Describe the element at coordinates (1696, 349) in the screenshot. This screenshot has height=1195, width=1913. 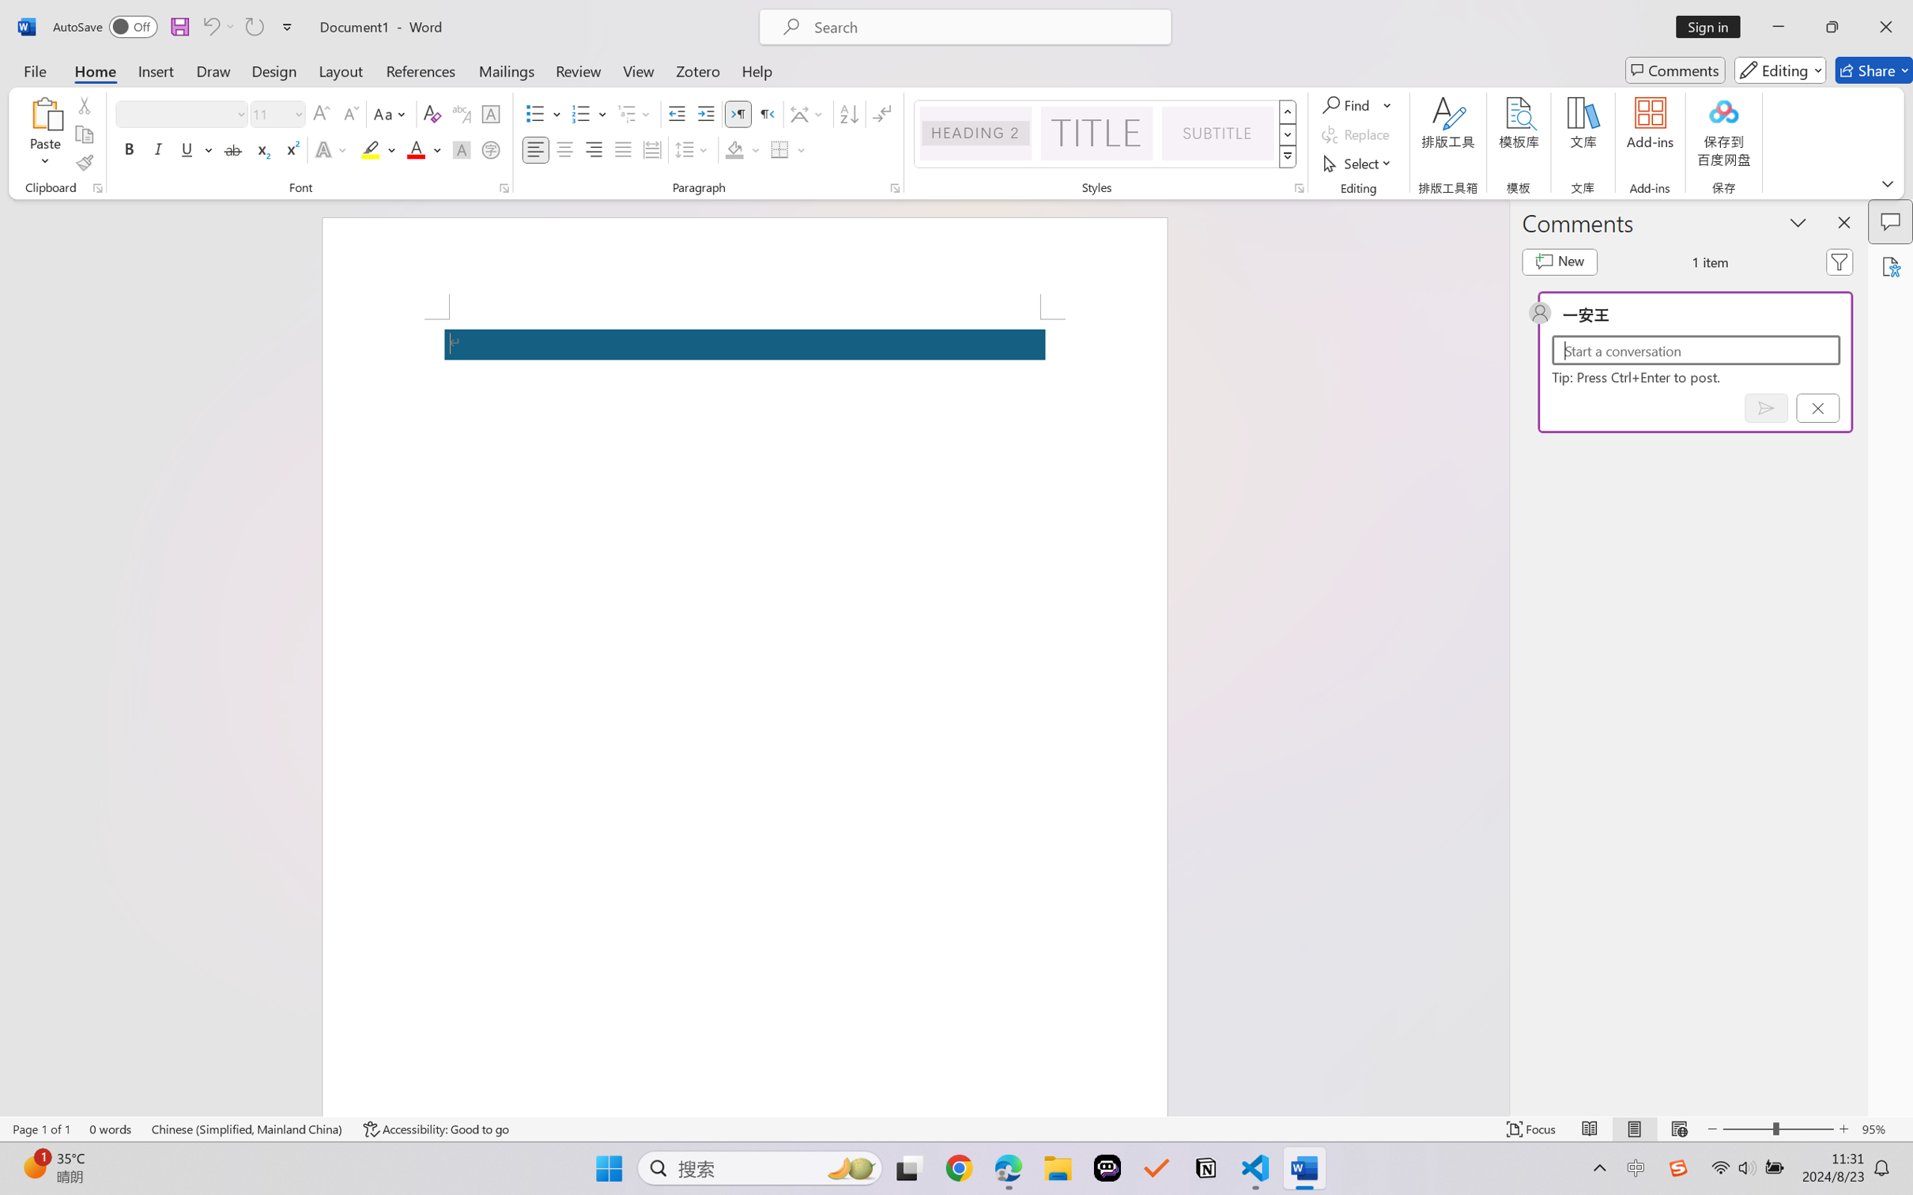
I see `'Start a conversation'` at that location.